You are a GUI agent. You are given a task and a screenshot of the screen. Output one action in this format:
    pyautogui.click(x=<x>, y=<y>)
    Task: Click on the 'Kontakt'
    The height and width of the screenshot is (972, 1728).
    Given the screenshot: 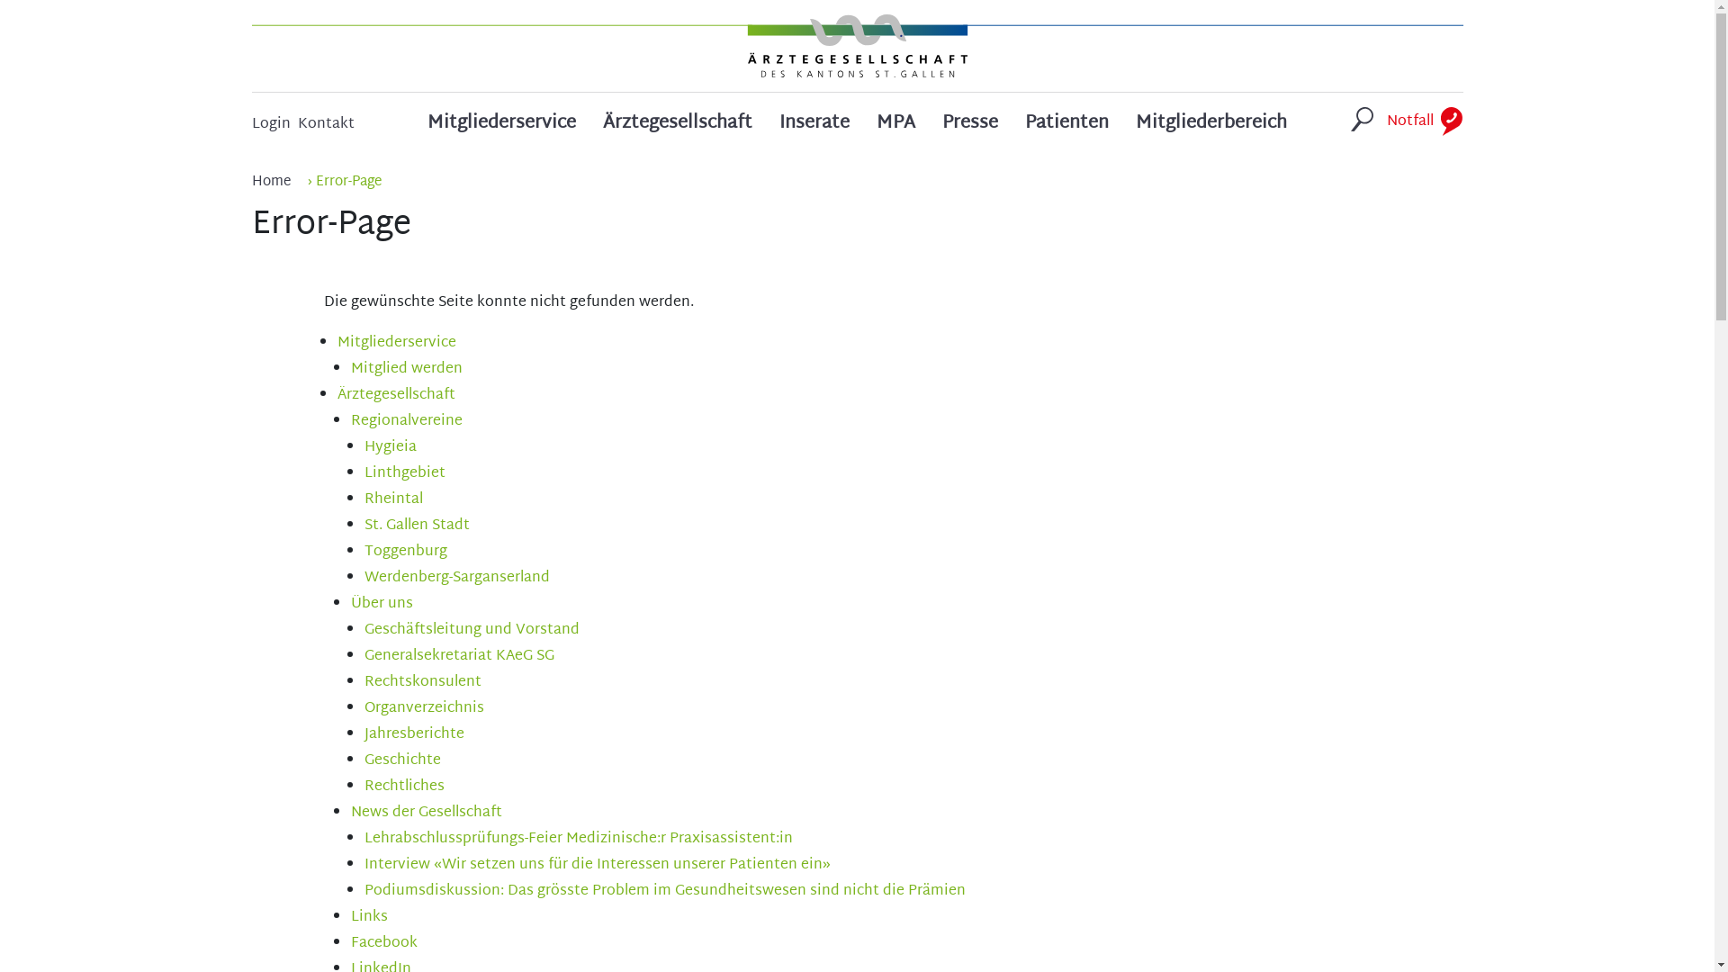 What is the action you would take?
    pyautogui.click(x=297, y=130)
    